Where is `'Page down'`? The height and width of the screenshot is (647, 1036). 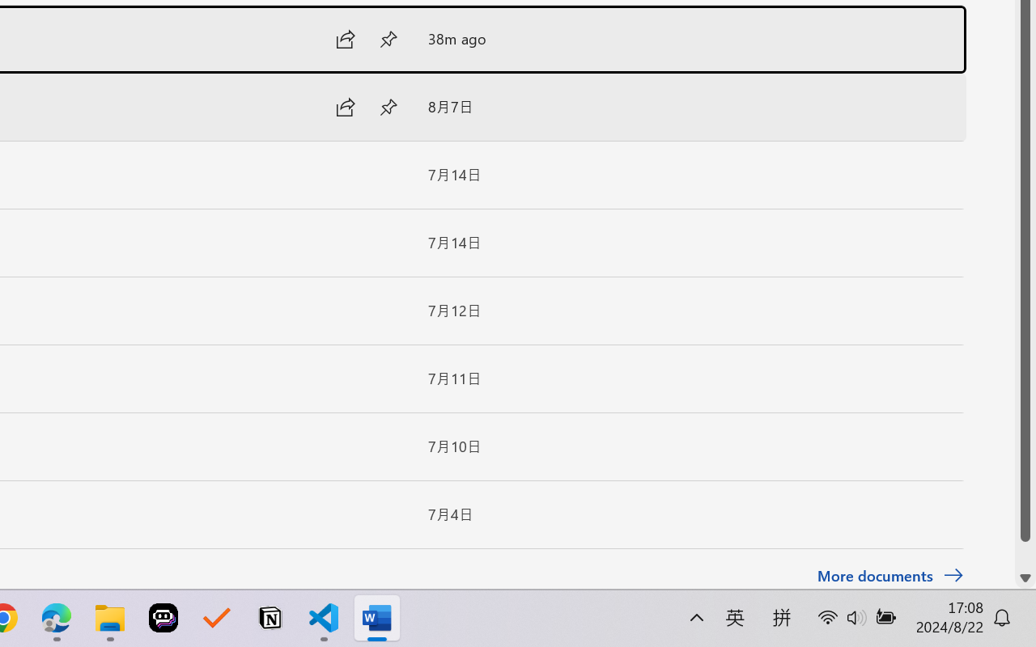 'Page down' is located at coordinates (1025, 555).